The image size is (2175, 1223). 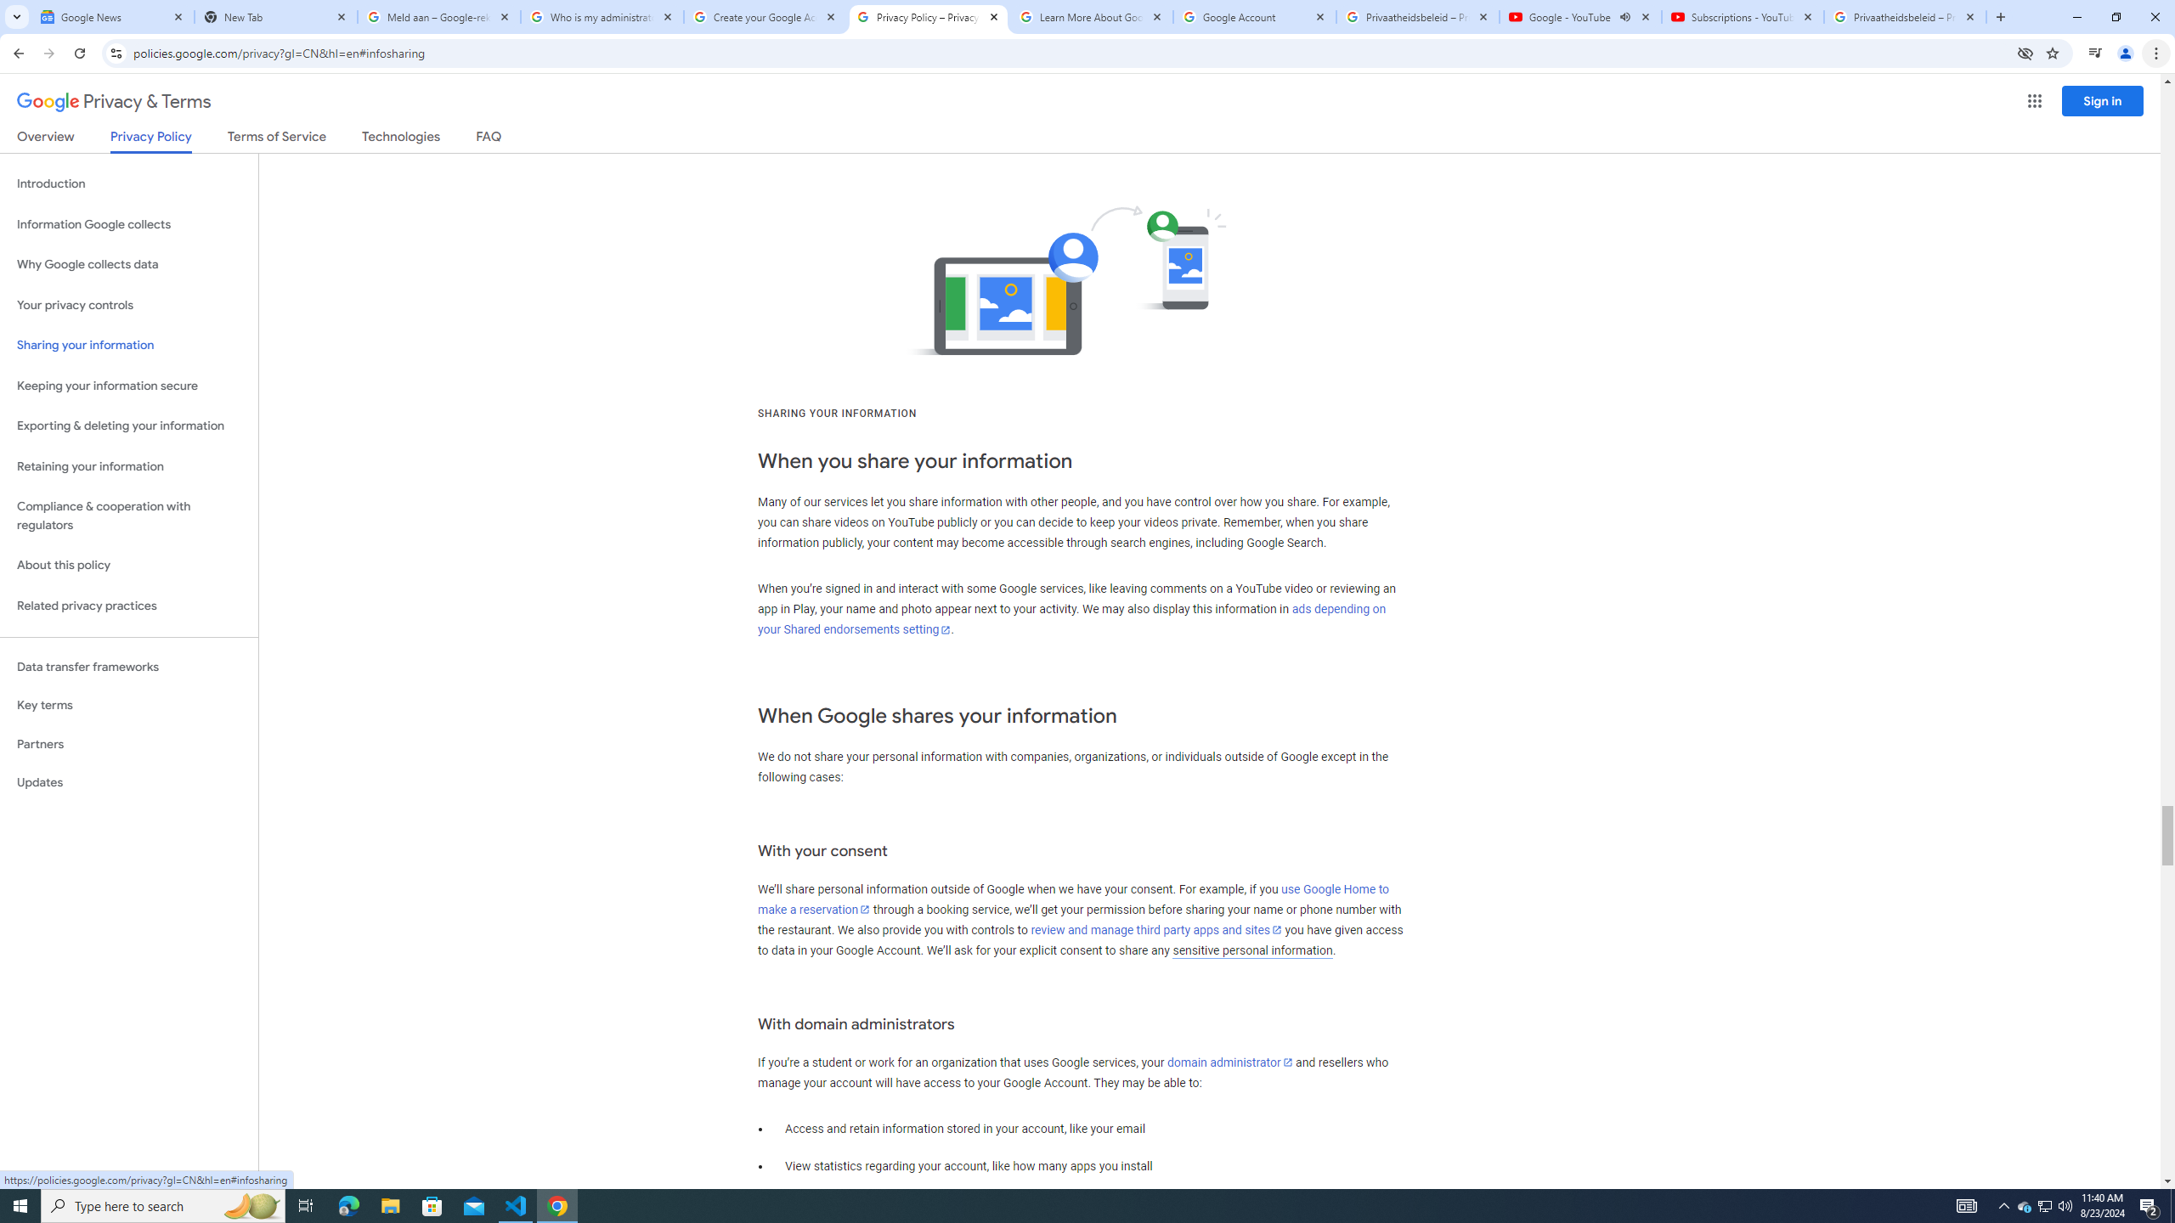 What do you see at coordinates (113, 16) in the screenshot?
I see `'Google News'` at bounding box center [113, 16].